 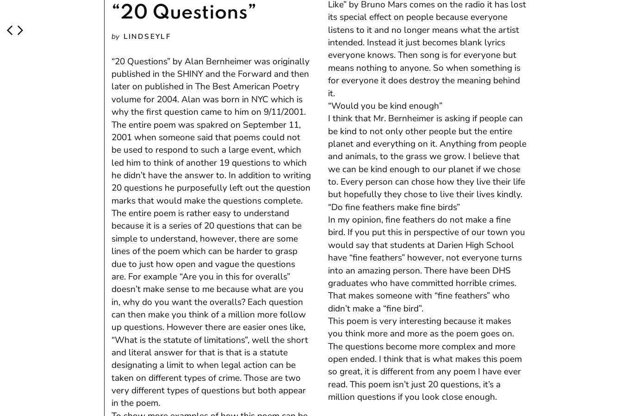 What do you see at coordinates (426, 264) in the screenshot?
I see `'In my opinion, fine feathers do not make a fine bird. If you put this in perspective of our town you would say that students at Darien High School have “fine feathers” however, not everyone turns into an amazing person. There have been DHS graduates who have committed horrible crimes. That makes someone with “fine feathers” who didn’t make a “fine bird”.'` at bounding box center [426, 264].